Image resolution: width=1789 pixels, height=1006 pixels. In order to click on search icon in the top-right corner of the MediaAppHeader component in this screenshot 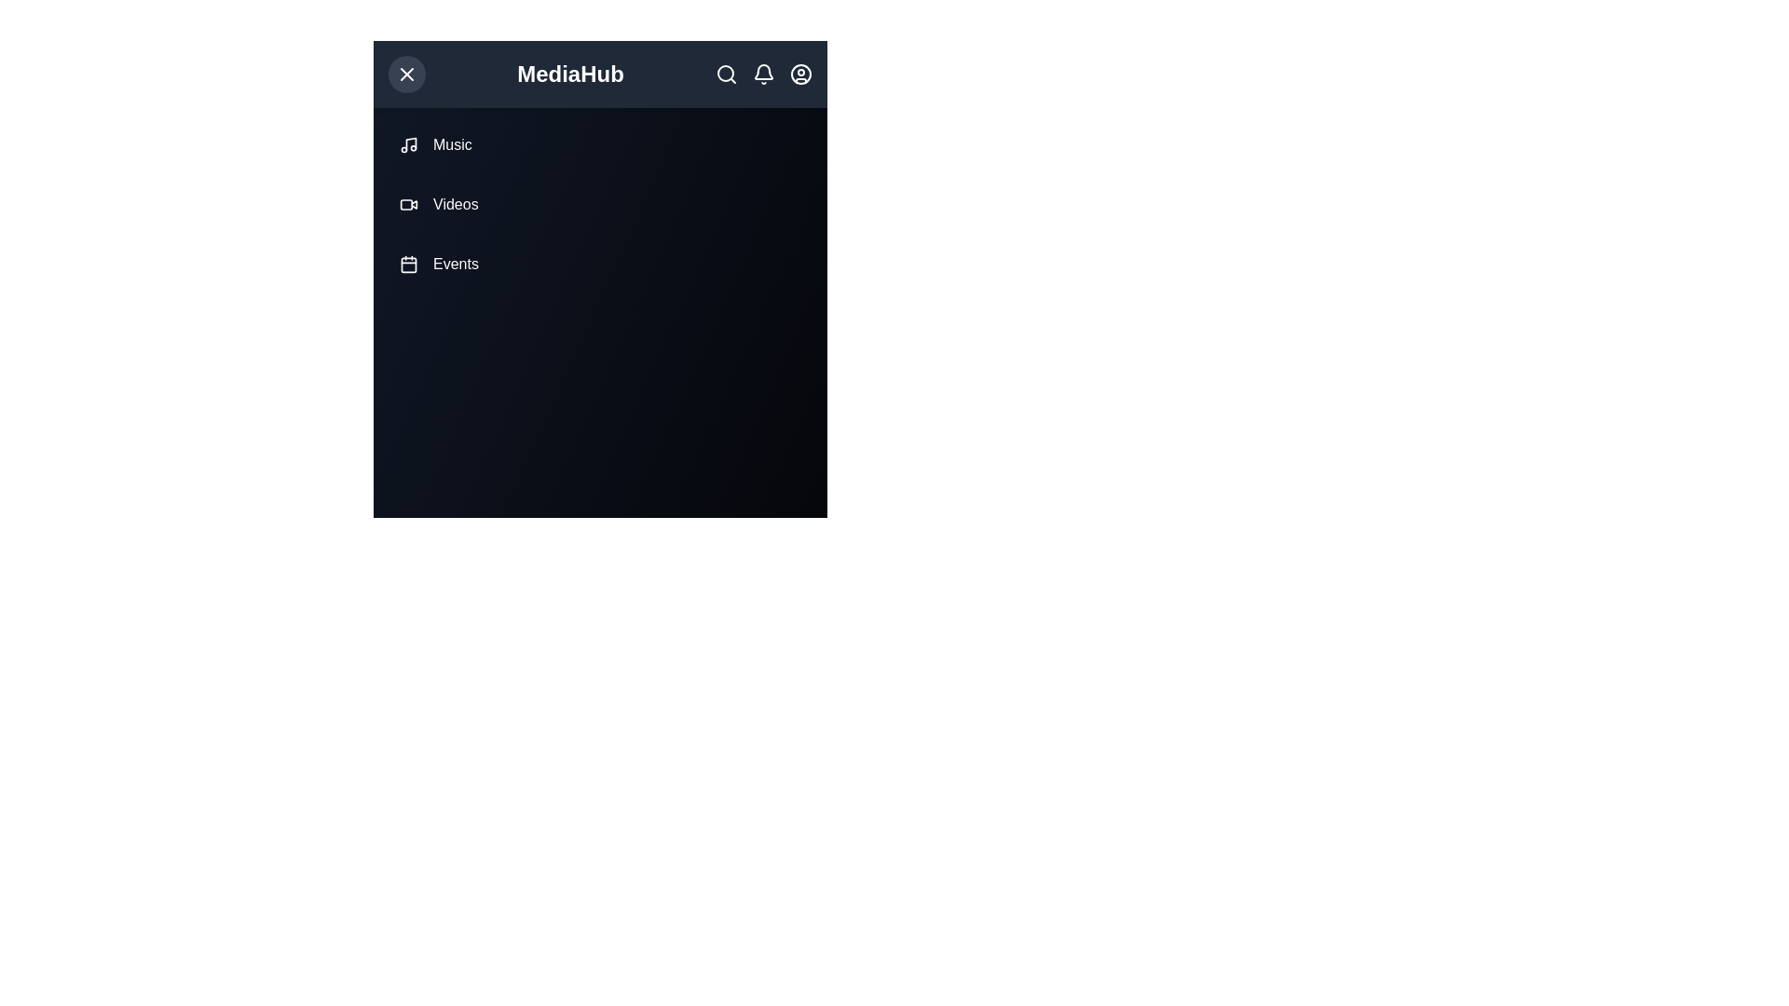, I will do `click(725, 74)`.